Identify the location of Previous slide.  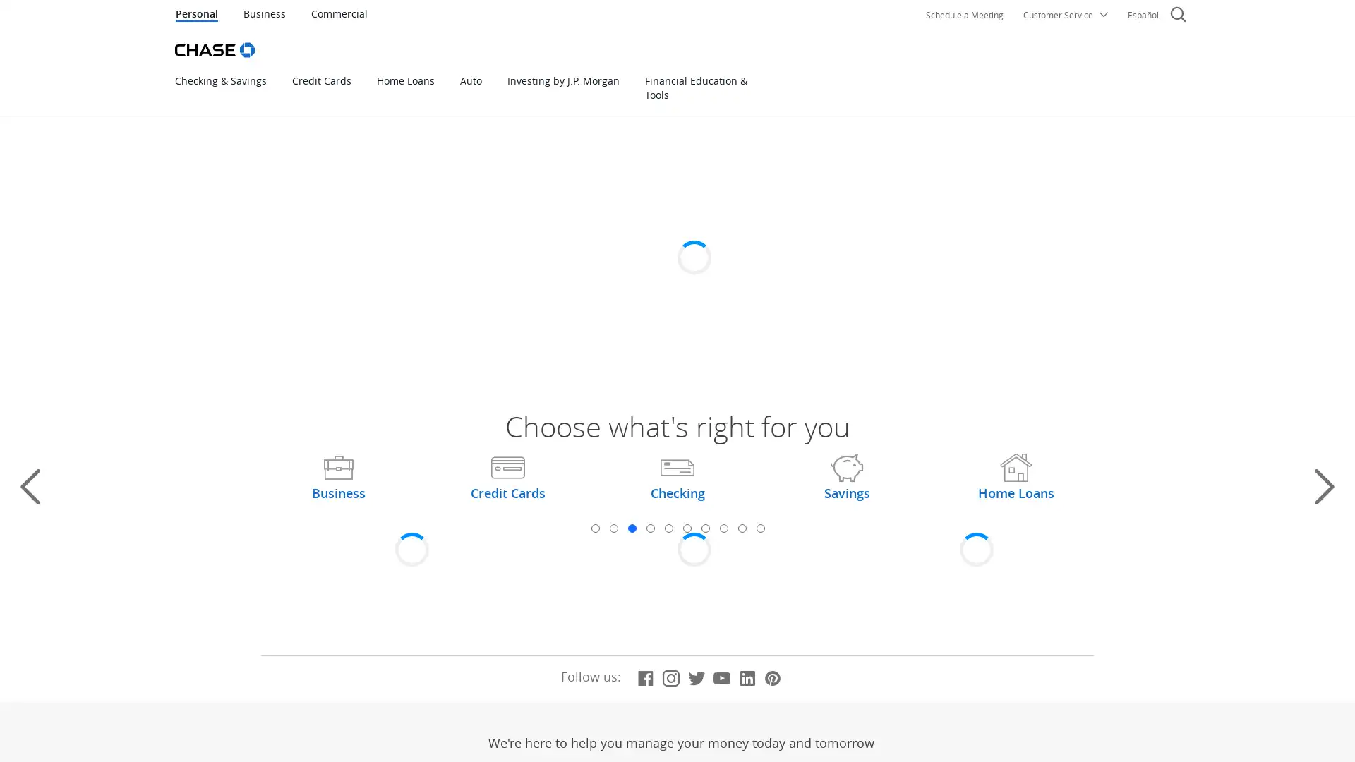
(30, 486).